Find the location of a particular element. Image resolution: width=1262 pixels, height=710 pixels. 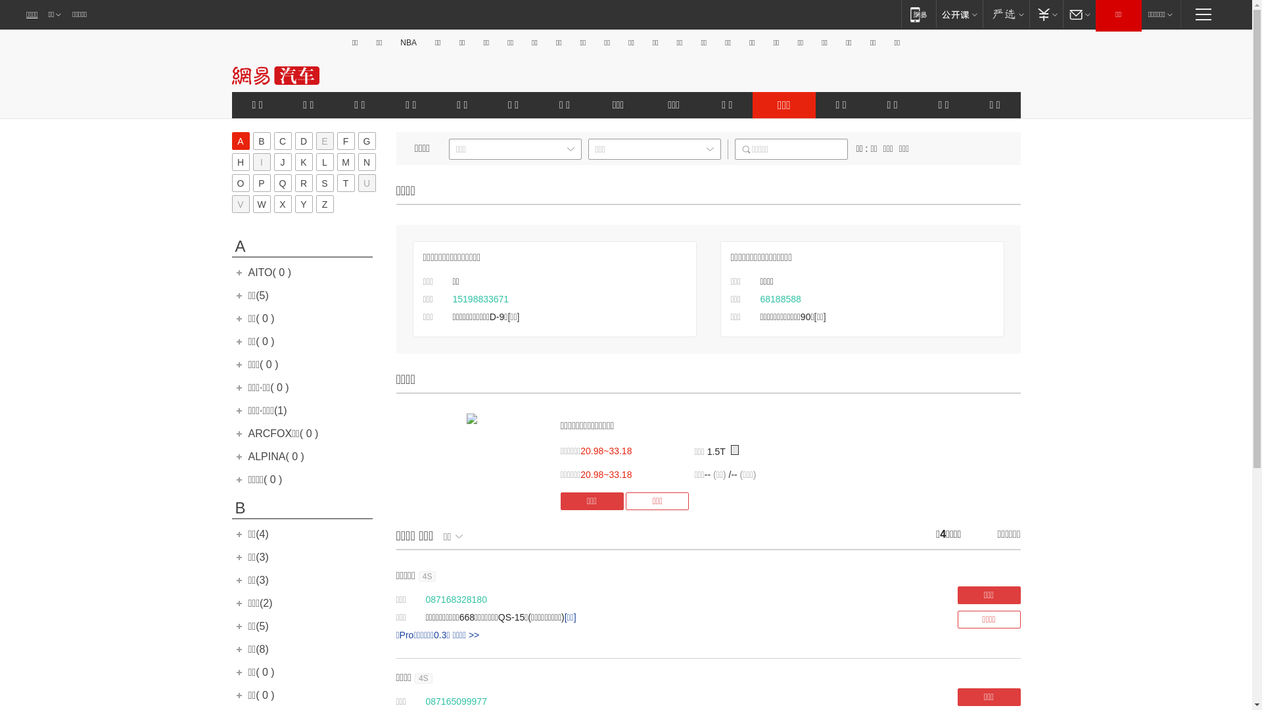

'E' is located at coordinates (324, 141).